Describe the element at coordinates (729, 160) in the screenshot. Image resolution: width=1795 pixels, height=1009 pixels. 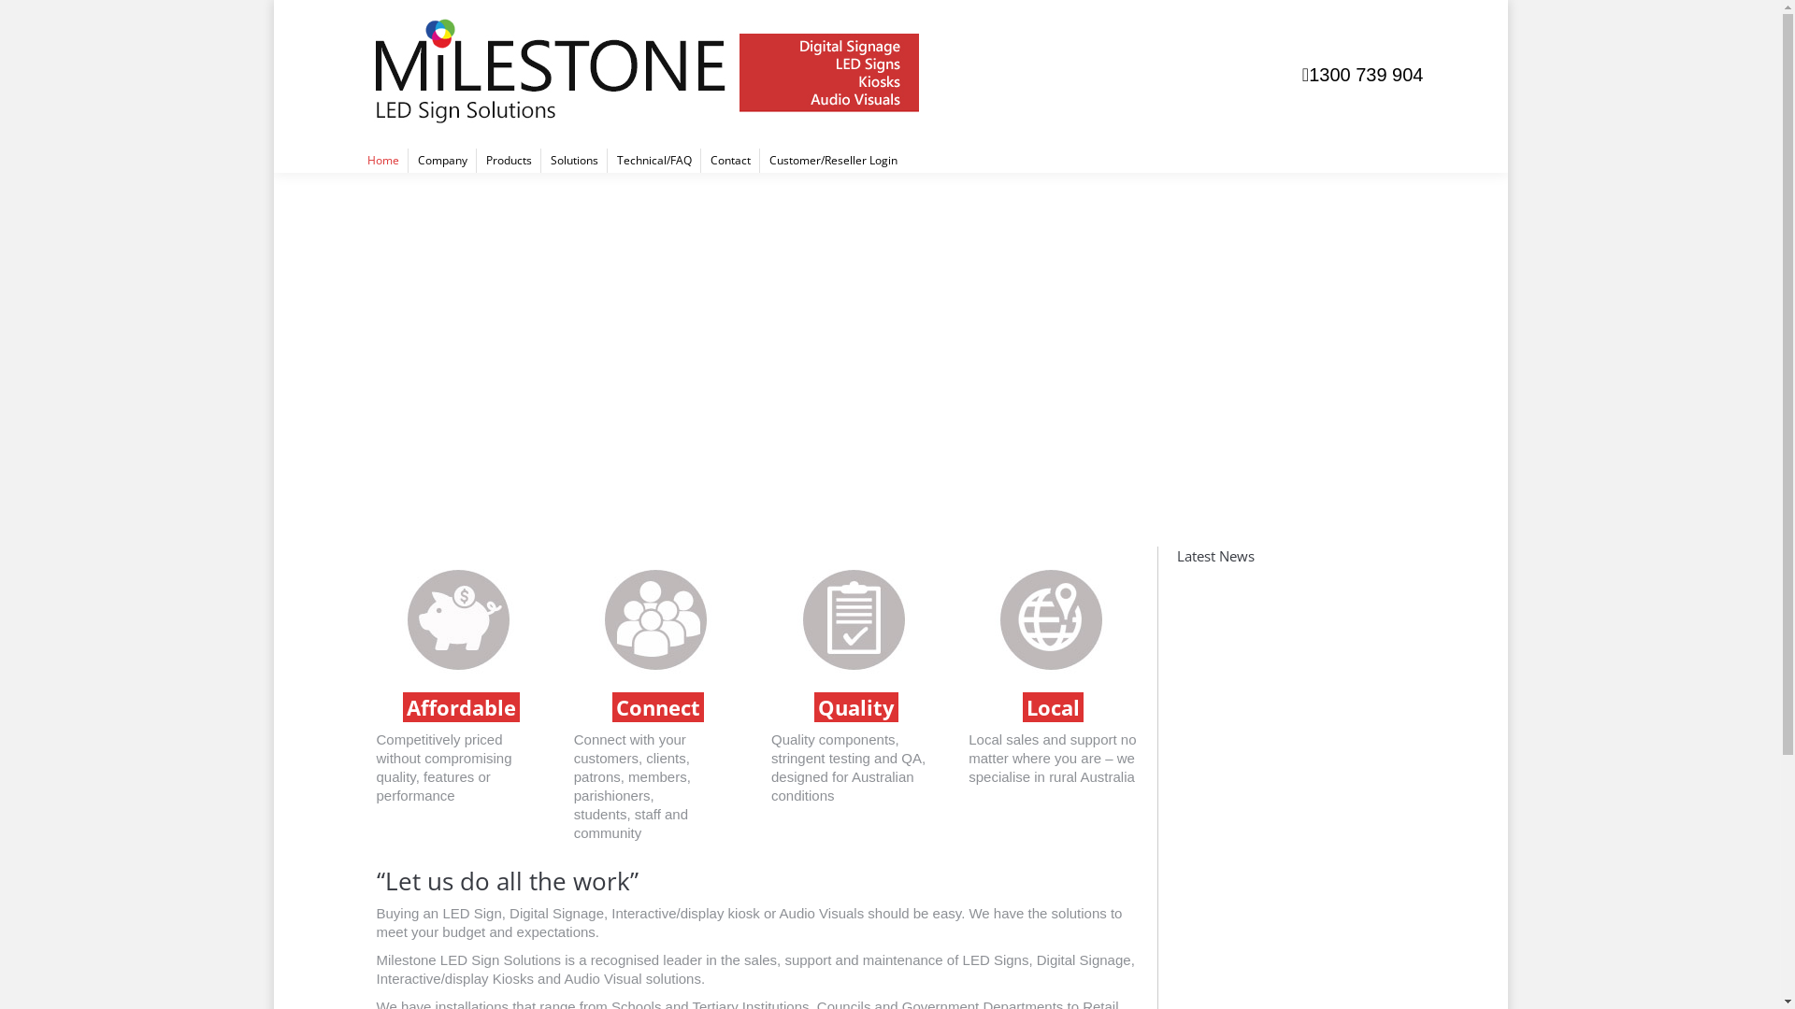
I see `'Contact'` at that location.